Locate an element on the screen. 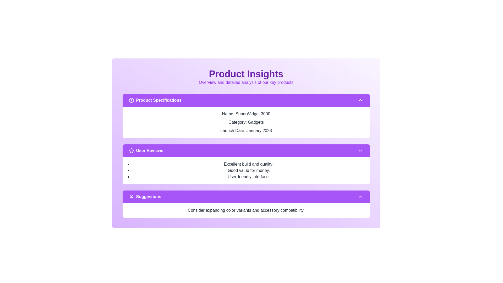  the star-shaped icon with a purple background located next to the 'User Reviews' heading is located at coordinates (131, 150).